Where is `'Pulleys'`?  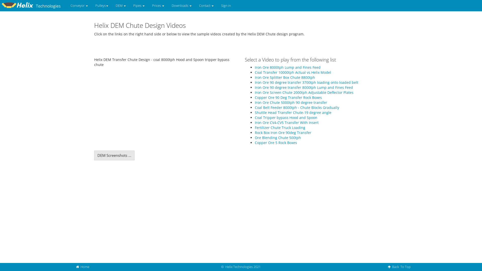 'Pulleys' is located at coordinates (101, 6).